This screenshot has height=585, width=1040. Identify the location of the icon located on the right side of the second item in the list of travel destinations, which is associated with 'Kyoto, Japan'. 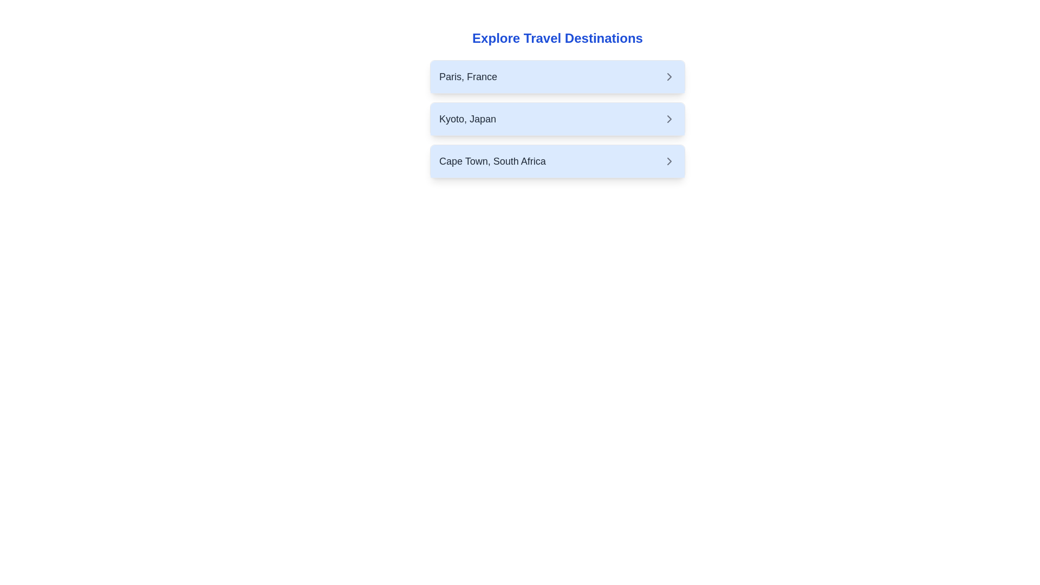
(669, 119).